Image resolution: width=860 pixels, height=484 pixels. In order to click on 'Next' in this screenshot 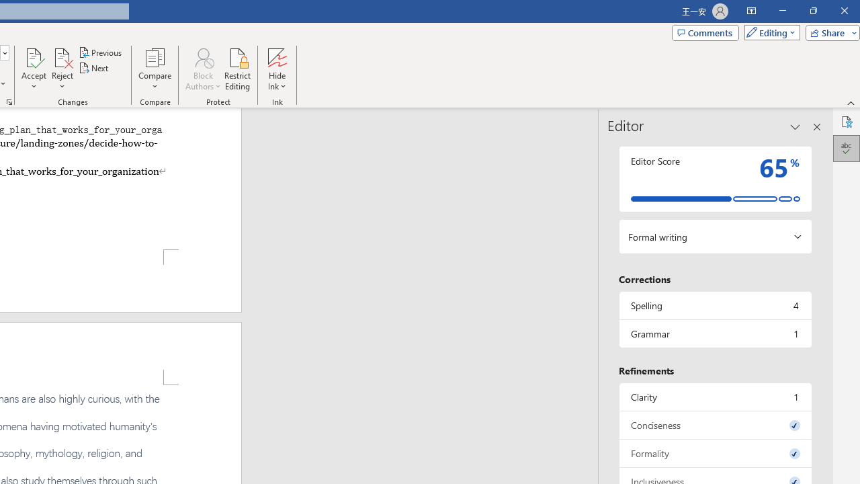, I will do `click(93, 68)`.